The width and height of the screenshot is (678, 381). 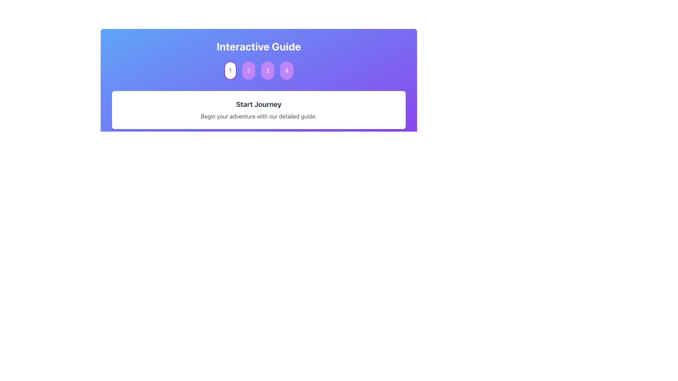 I want to click on the circular button labeled '3' with a purple background and white text, so click(x=267, y=71).